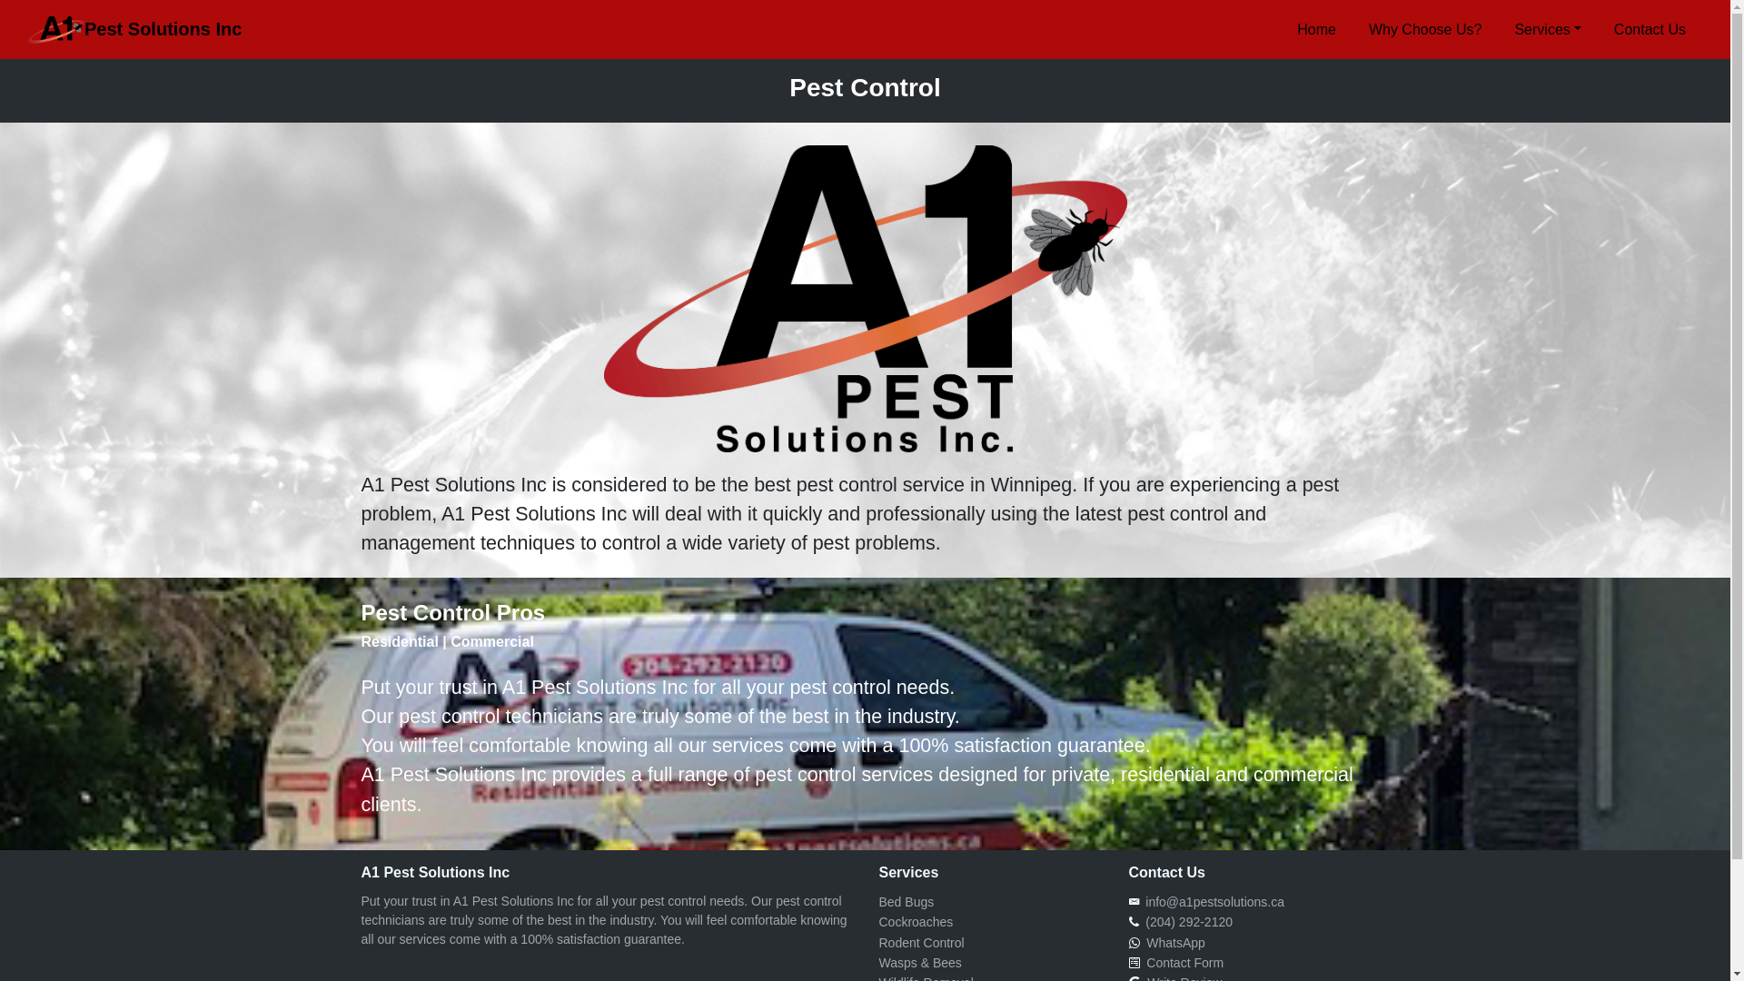  Describe the element at coordinates (907, 901) in the screenshot. I see `'Bed Bugs'` at that location.